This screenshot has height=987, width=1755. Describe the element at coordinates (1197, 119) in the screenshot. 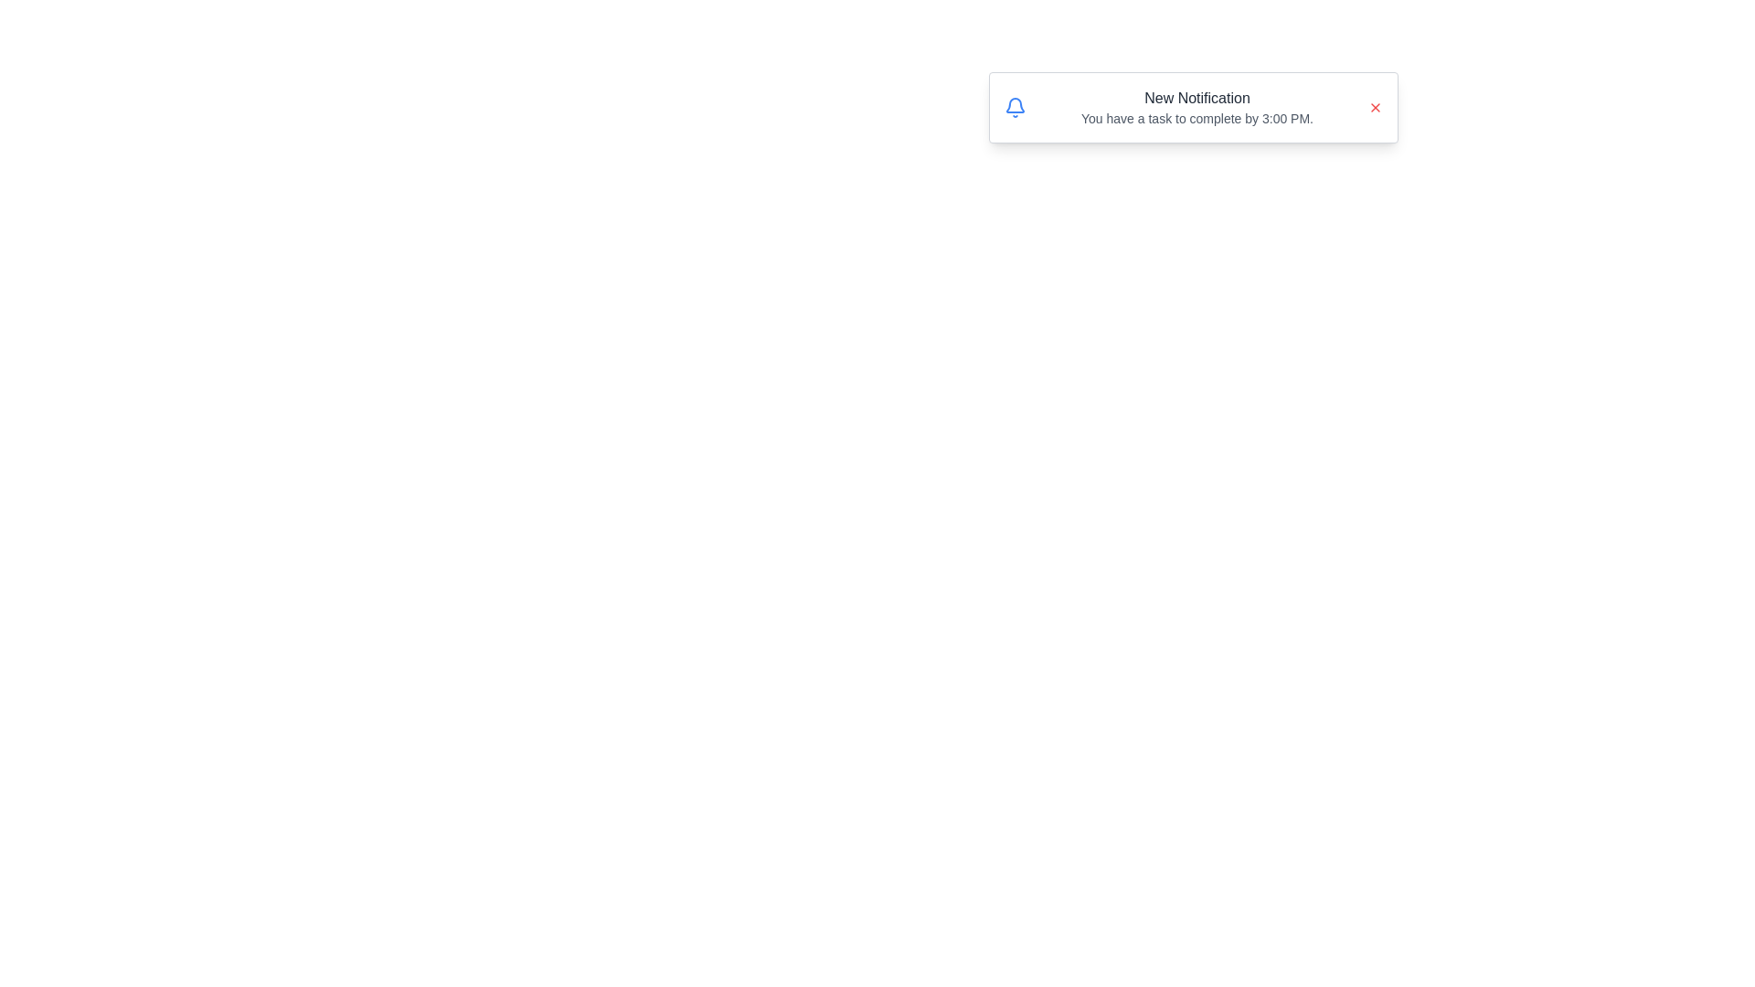

I see `text label that says 'You have a task to complete by 3:00 PM.' located below the 'New Notification' heading in the notification box` at that location.